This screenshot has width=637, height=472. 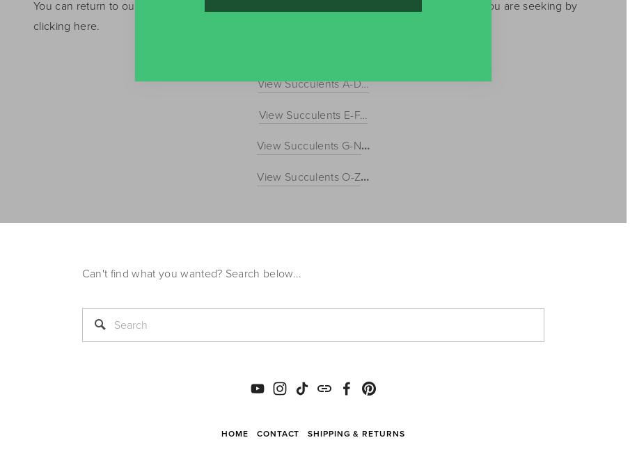 I want to click on 'View Succulents G-N', so click(x=308, y=145).